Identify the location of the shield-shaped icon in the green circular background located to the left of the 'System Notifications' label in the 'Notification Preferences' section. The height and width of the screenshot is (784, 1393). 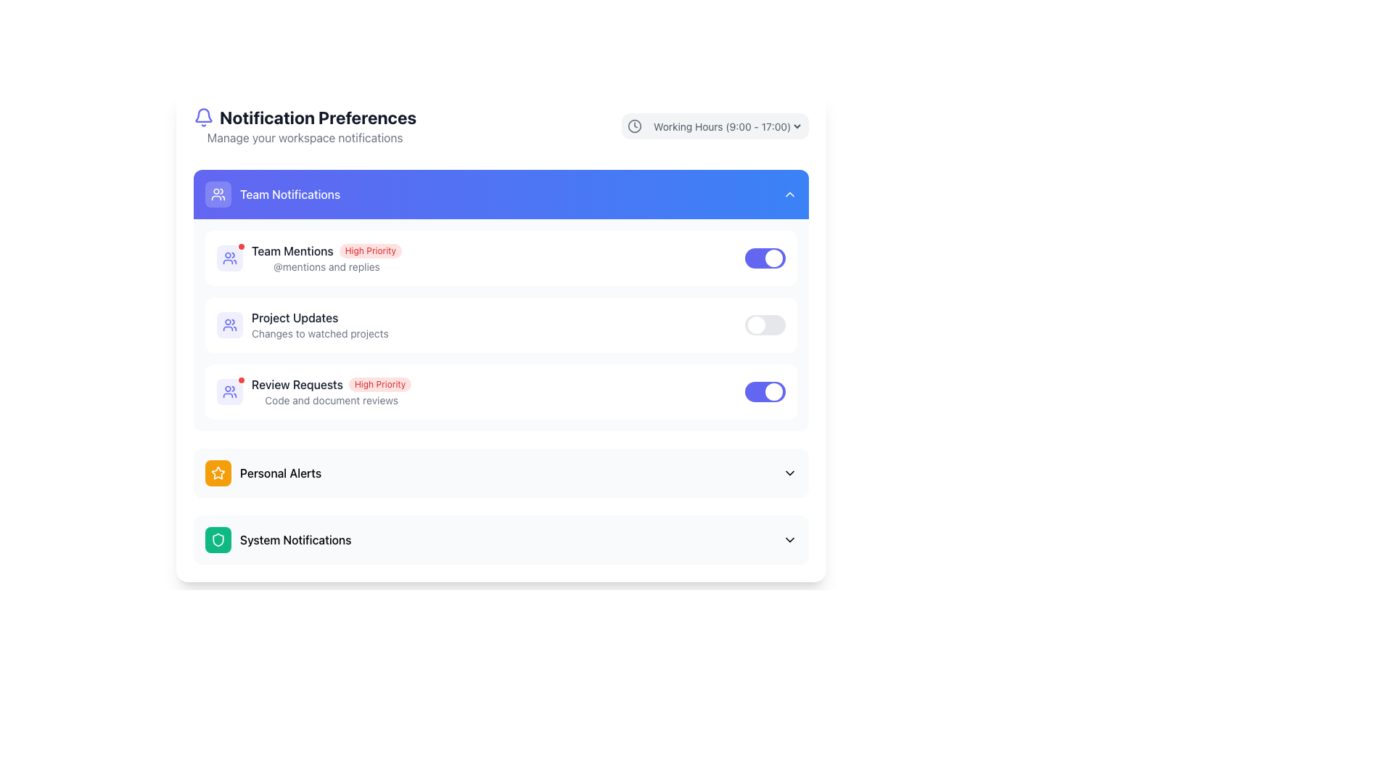
(218, 540).